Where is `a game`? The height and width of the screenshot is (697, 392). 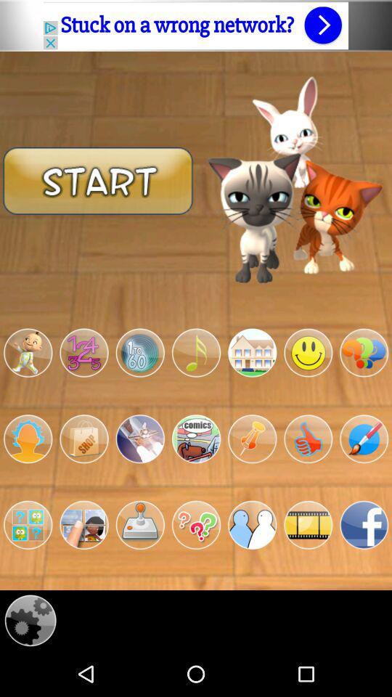 a game is located at coordinates (196, 352).